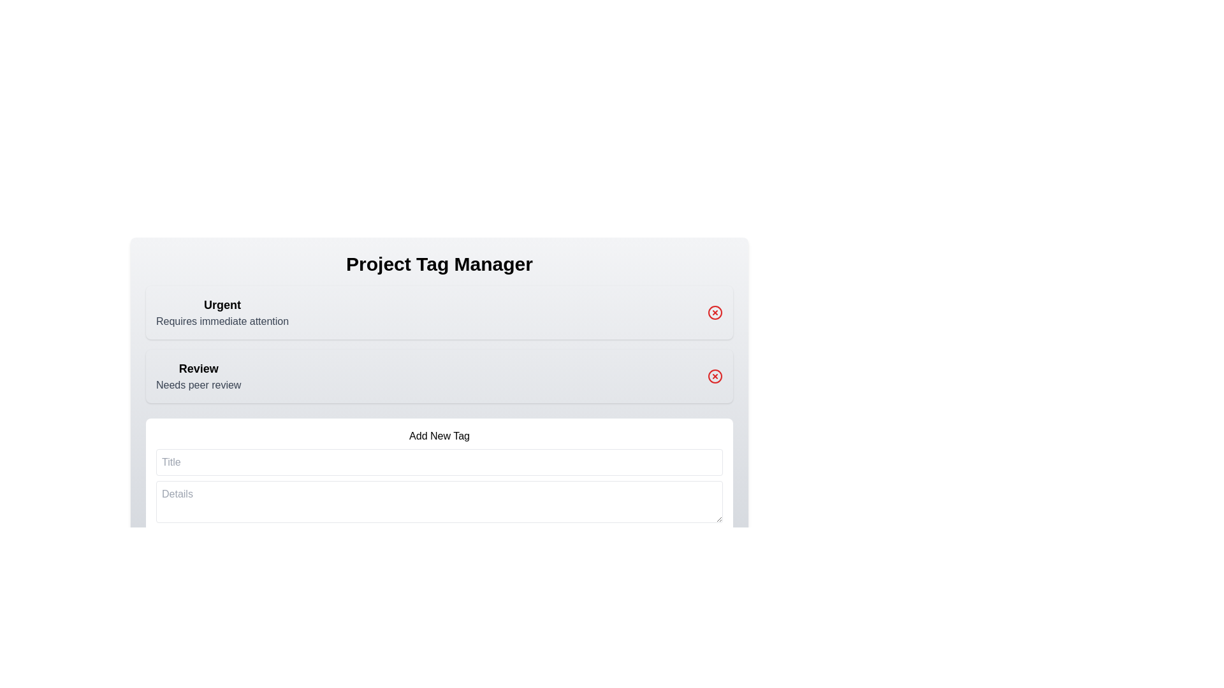  I want to click on the red circular icon with a cross, which serves as the delete button for the 'Urgent' tag item, located at the top-right of the 'Urgent' section, so click(715, 312).